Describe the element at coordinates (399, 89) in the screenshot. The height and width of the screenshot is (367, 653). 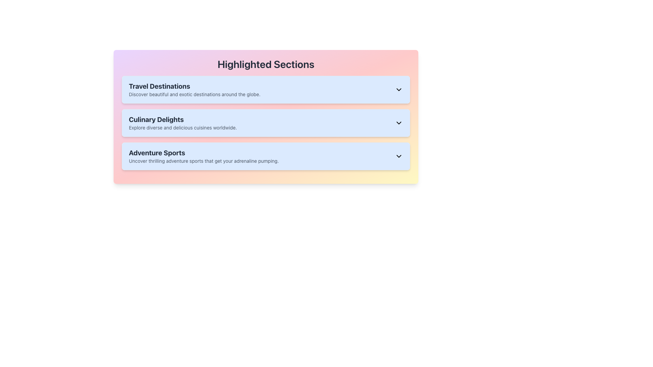
I see `the Dropdown indicator or caret icon located at the far right of the 'Travel Destinations' section` at that location.